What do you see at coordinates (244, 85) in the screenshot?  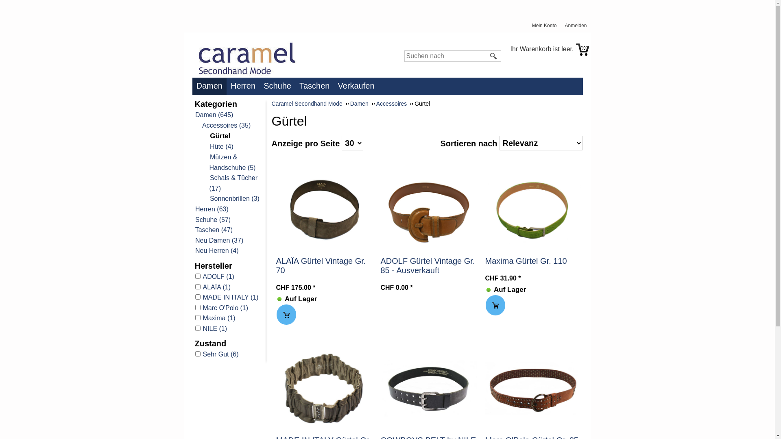 I see `'Herren'` at bounding box center [244, 85].